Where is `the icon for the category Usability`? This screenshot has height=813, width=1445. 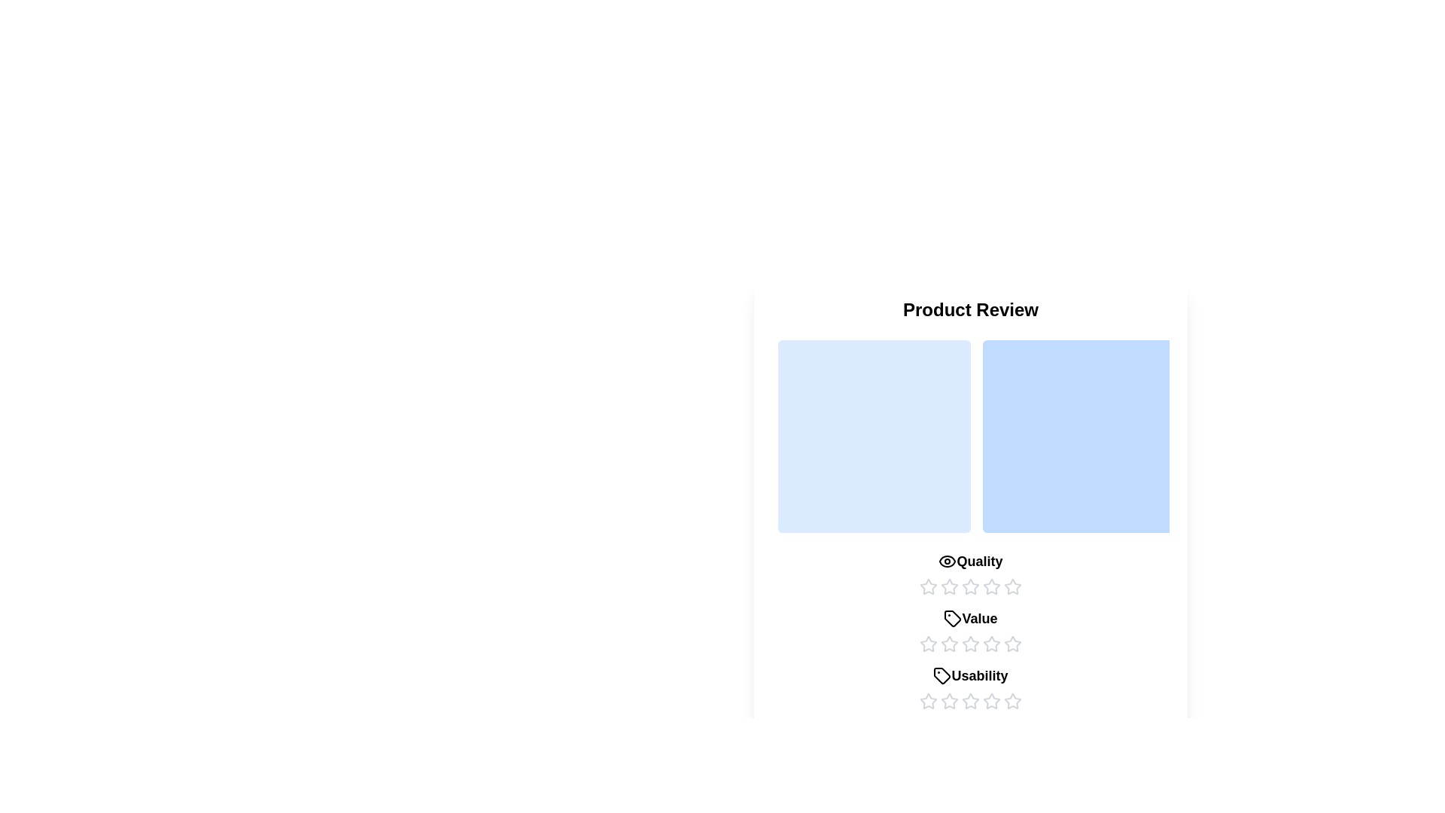
the icon for the category Usability is located at coordinates (942, 675).